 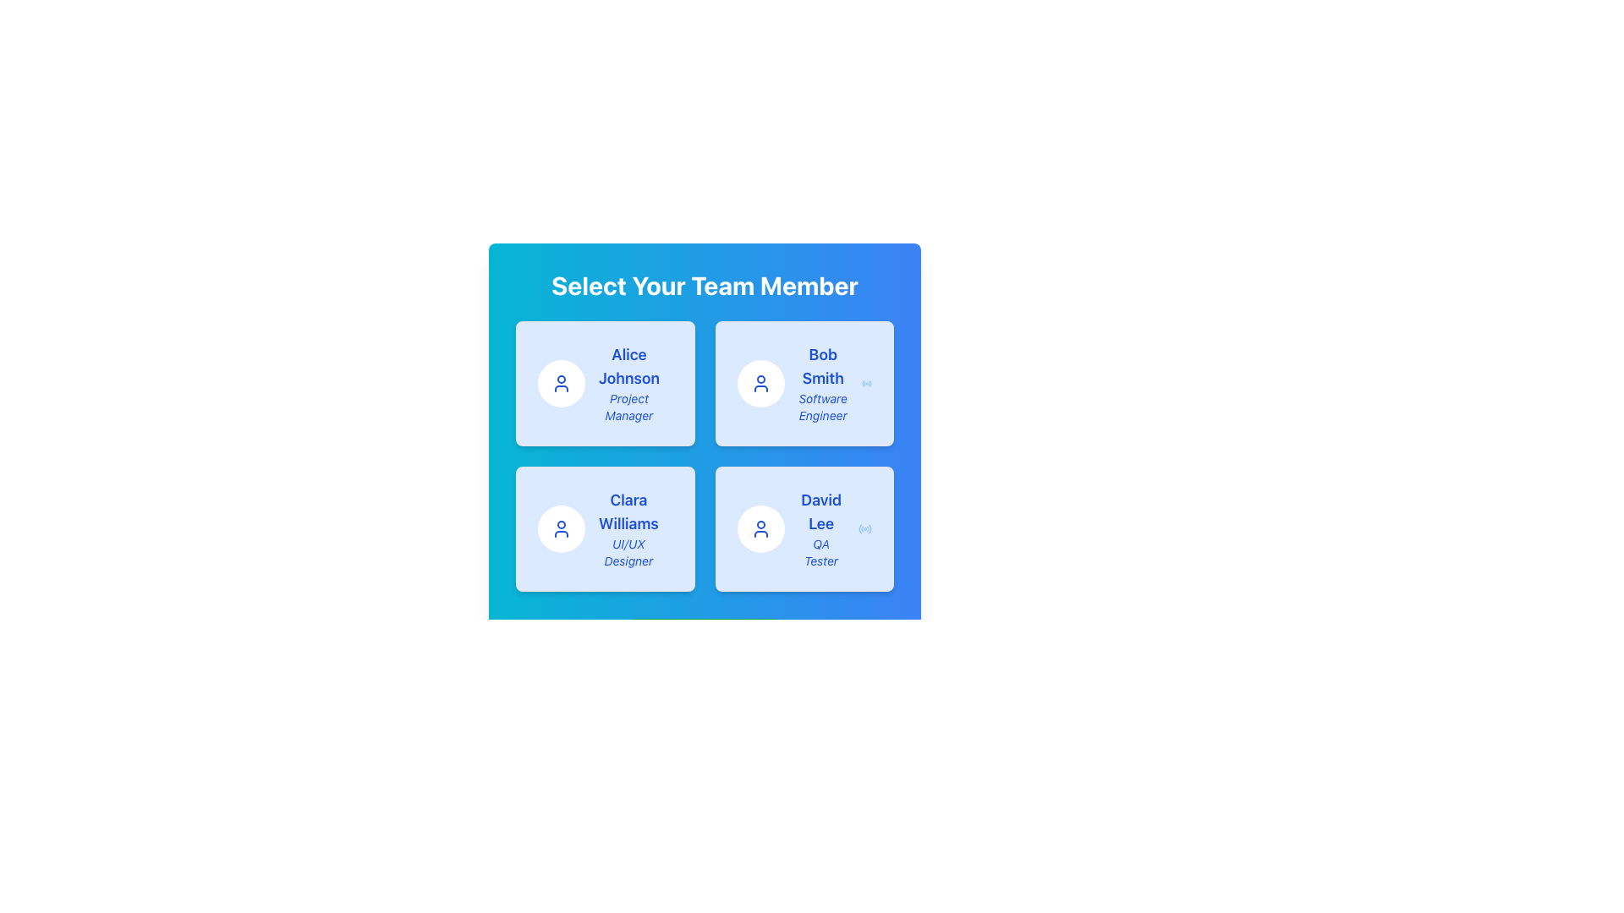 I want to click on the Text Label that displays the name and role of a team member, located in the first row and first column of a 2x2 grid layout under the title 'Select Your Team Member.', so click(x=628, y=384).